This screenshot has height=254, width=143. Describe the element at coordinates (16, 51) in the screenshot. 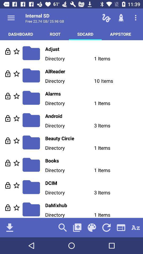

I see `favourite` at that location.